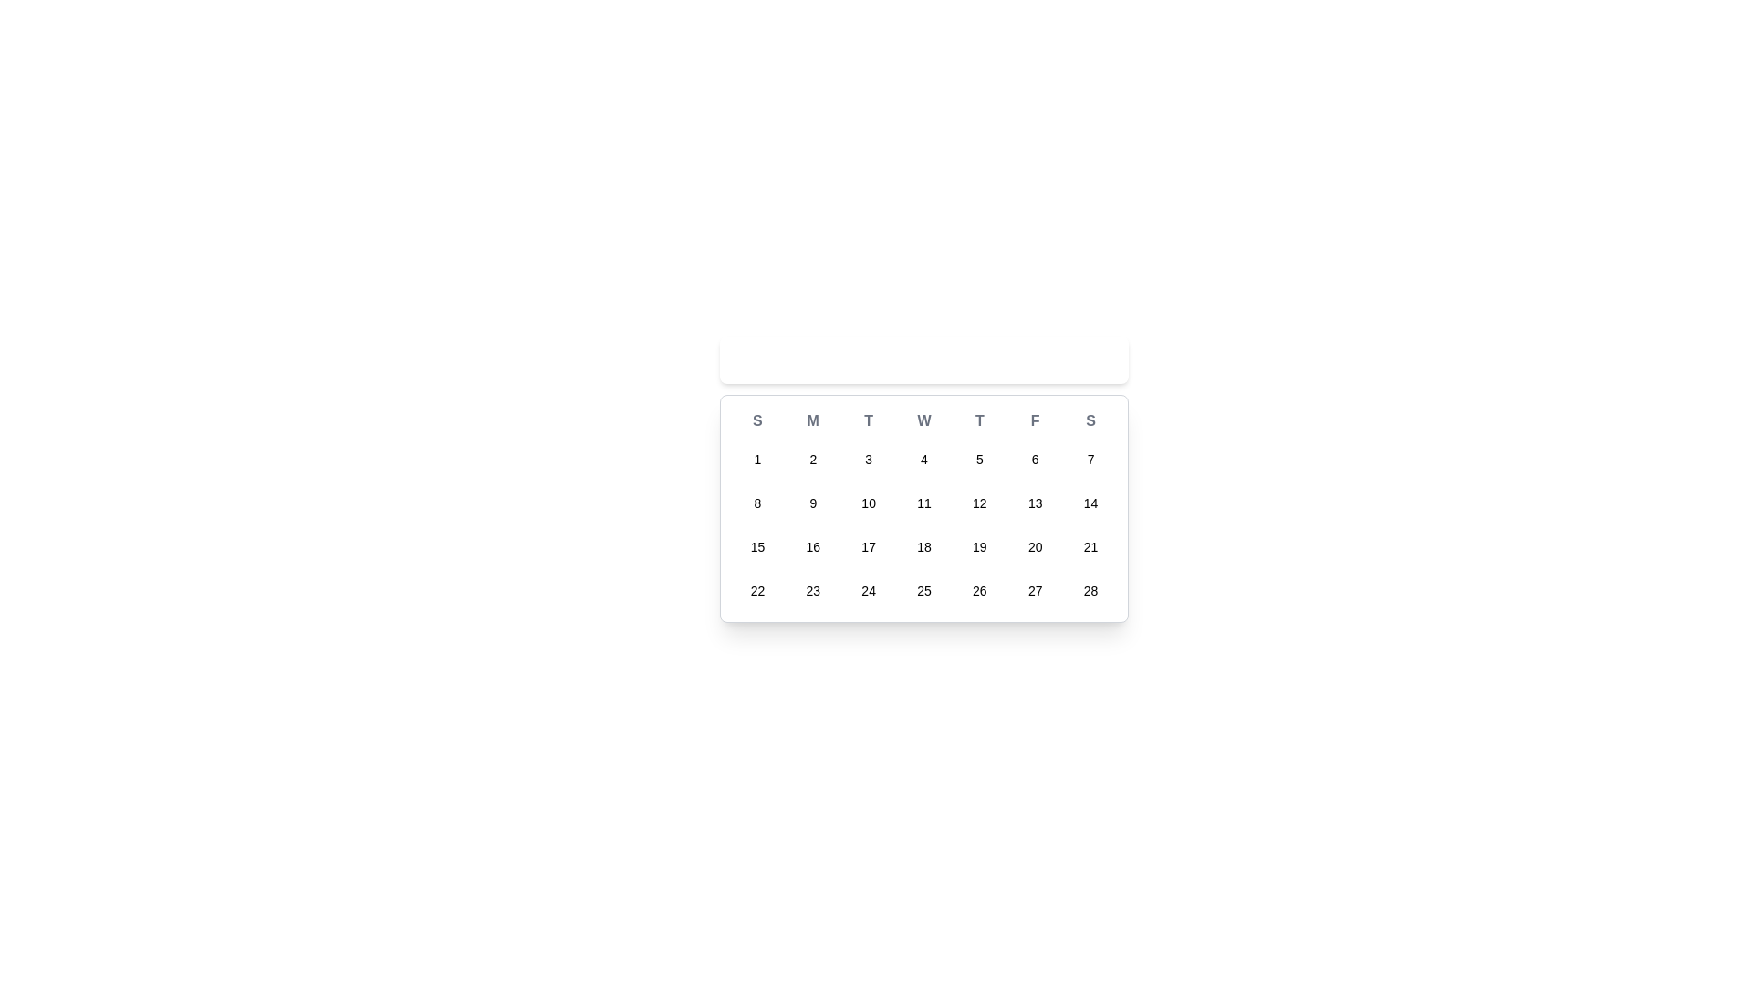 The image size is (1752, 985). What do you see at coordinates (923, 503) in the screenshot?
I see `the button representing the date '11' in the calendar view` at bounding box center [923, 503].